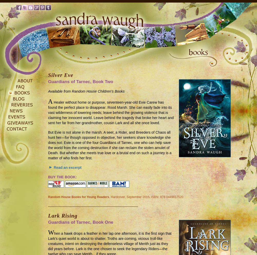 The width and height of the screenshot is (257, 255). Describe the element at coordinates (48, 82) in the screenshot. I see `'Guardians of Tarnec, Book Two'` at that location.